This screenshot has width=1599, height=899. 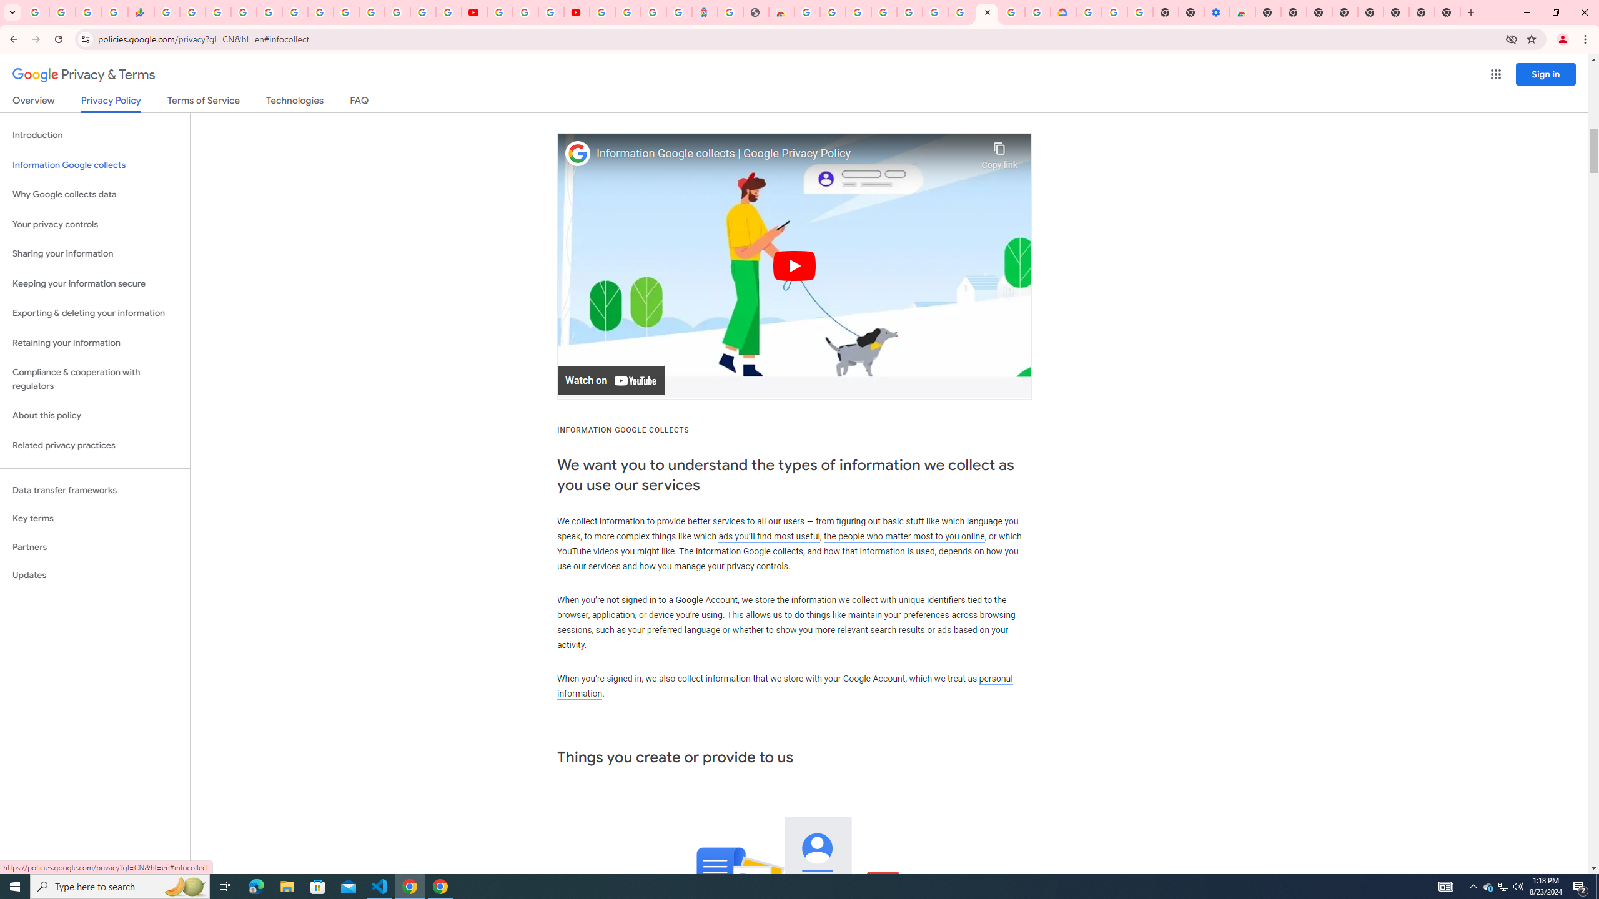 I want to click on 'Copy link', so click(x=999, y=152).